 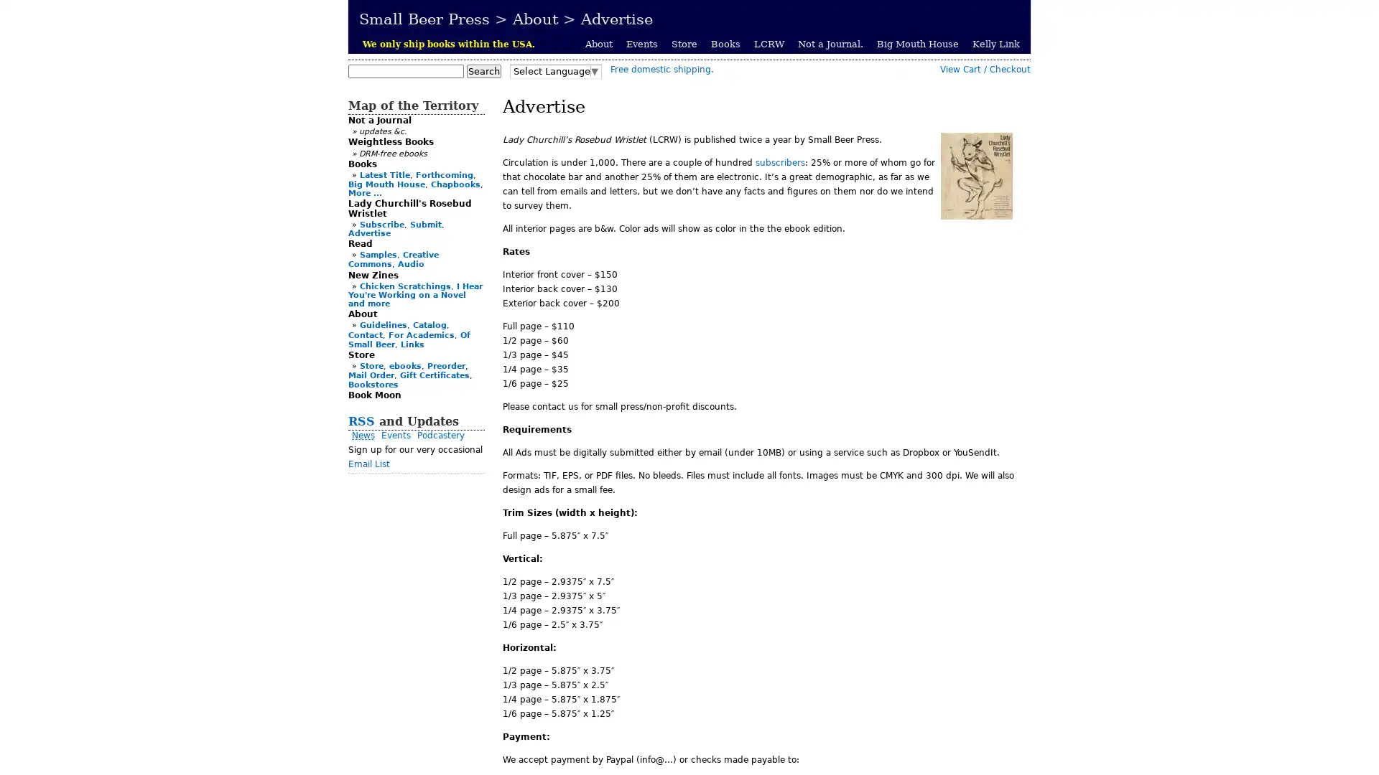 What do you see at coordinates (483, 71) in the screenshot?
I see `Search` at bounding box center [483, 71].